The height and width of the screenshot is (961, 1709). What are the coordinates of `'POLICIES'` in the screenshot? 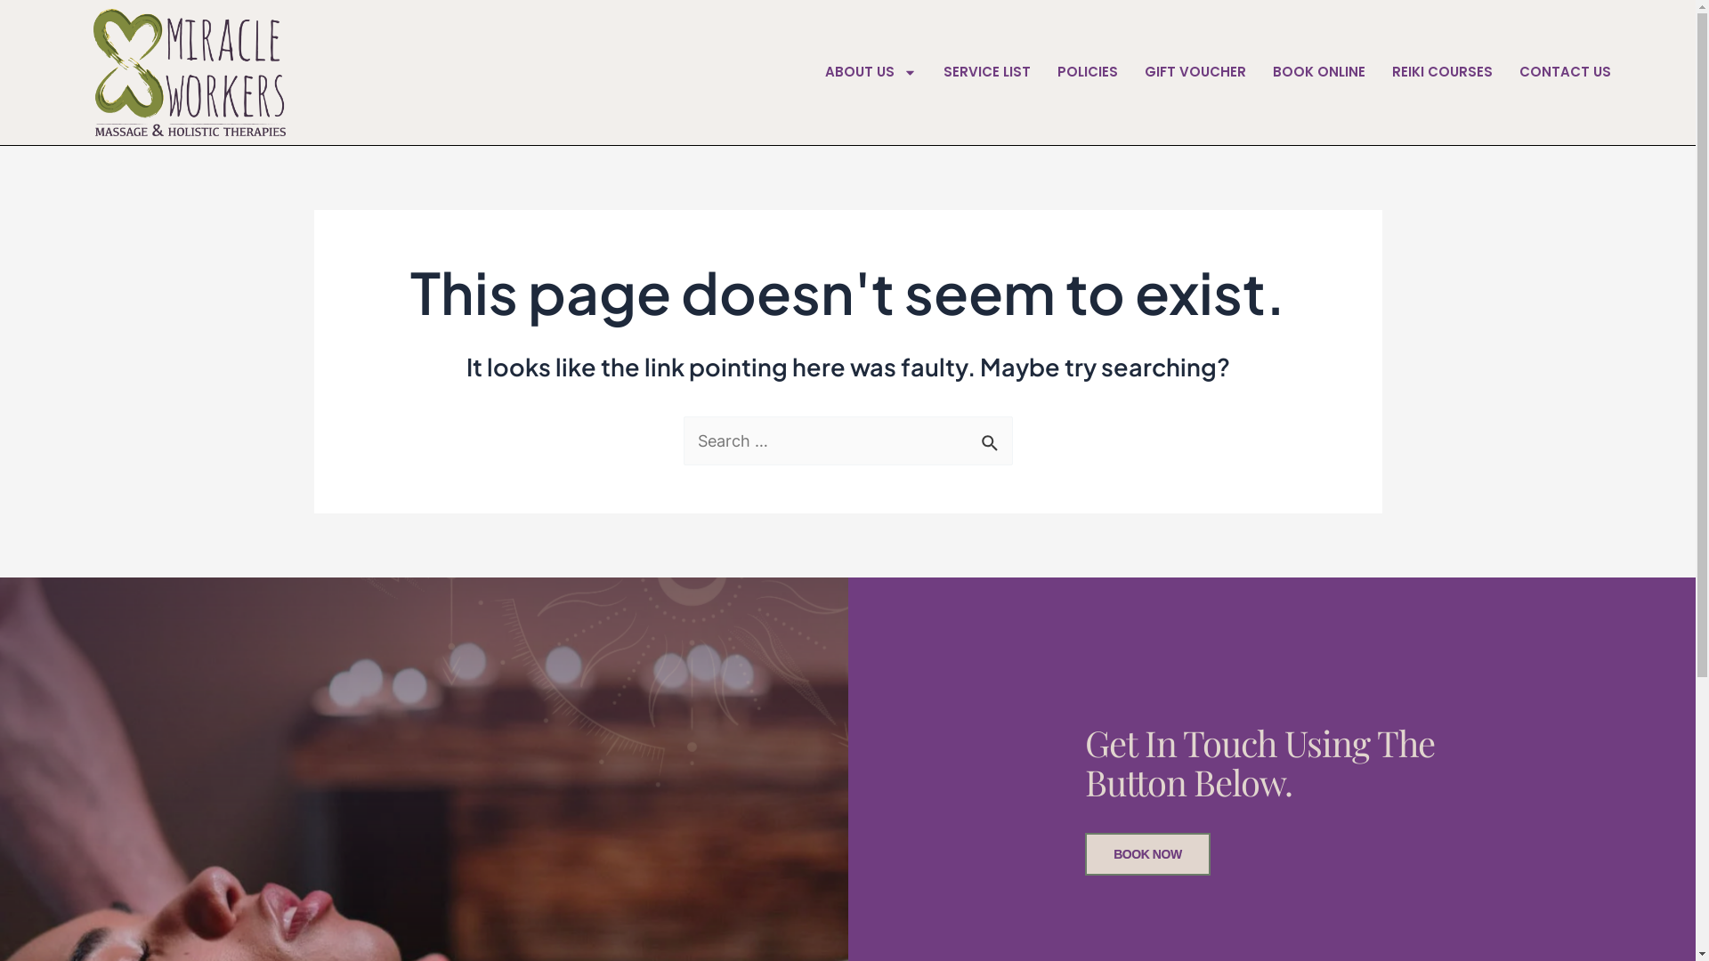 It's located at (1087, 71).